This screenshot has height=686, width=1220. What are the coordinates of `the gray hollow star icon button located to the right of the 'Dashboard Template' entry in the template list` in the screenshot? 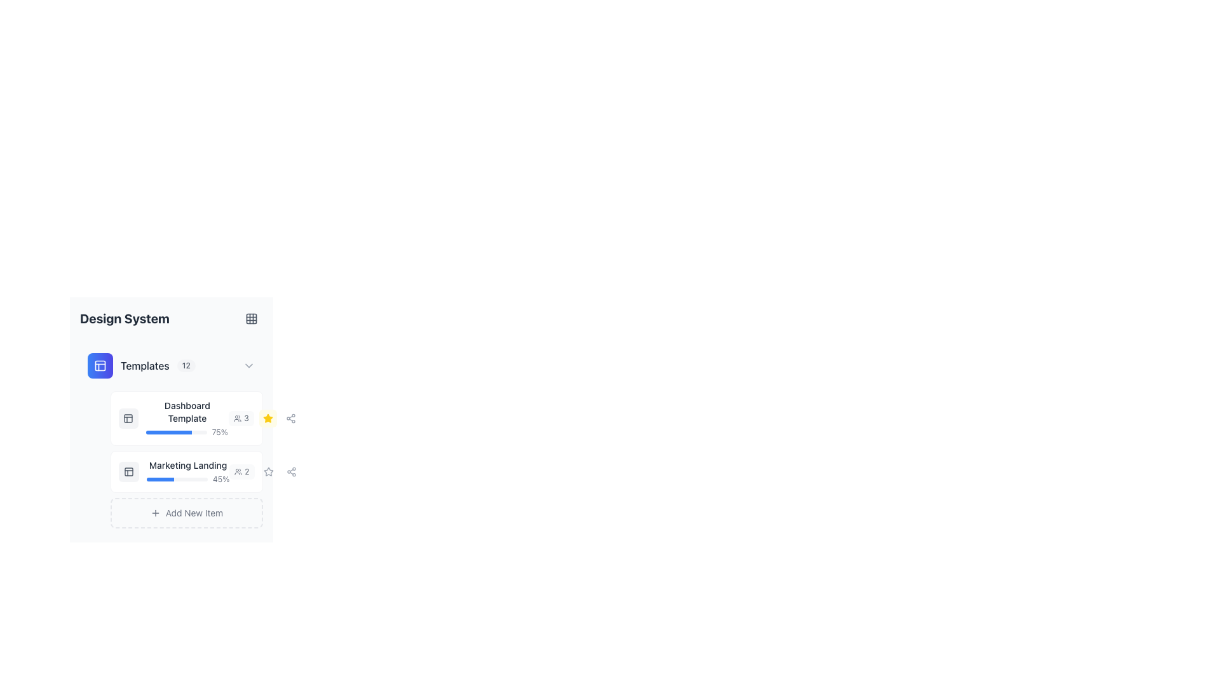 It's located at (268, 472).